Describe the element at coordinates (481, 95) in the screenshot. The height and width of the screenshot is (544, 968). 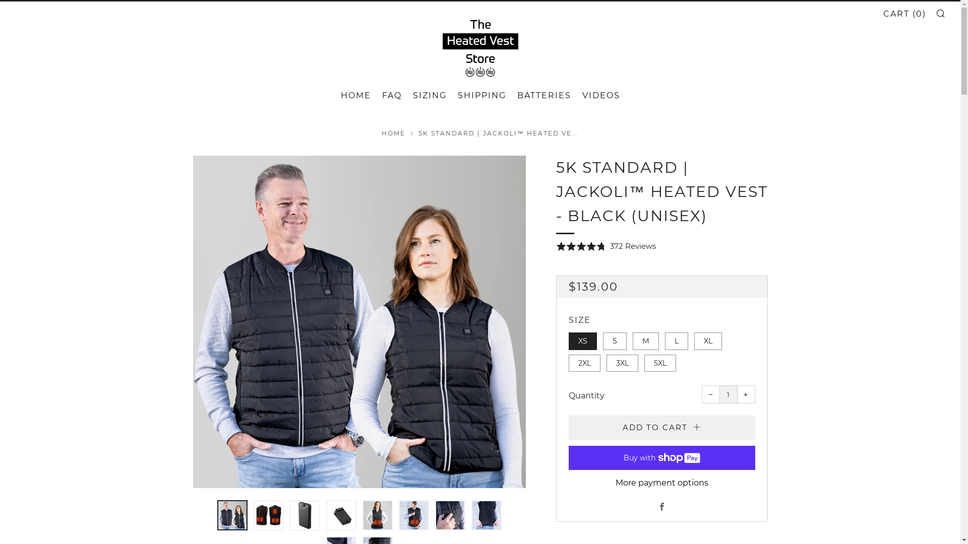
I see `'SHIPPING'` at that location.